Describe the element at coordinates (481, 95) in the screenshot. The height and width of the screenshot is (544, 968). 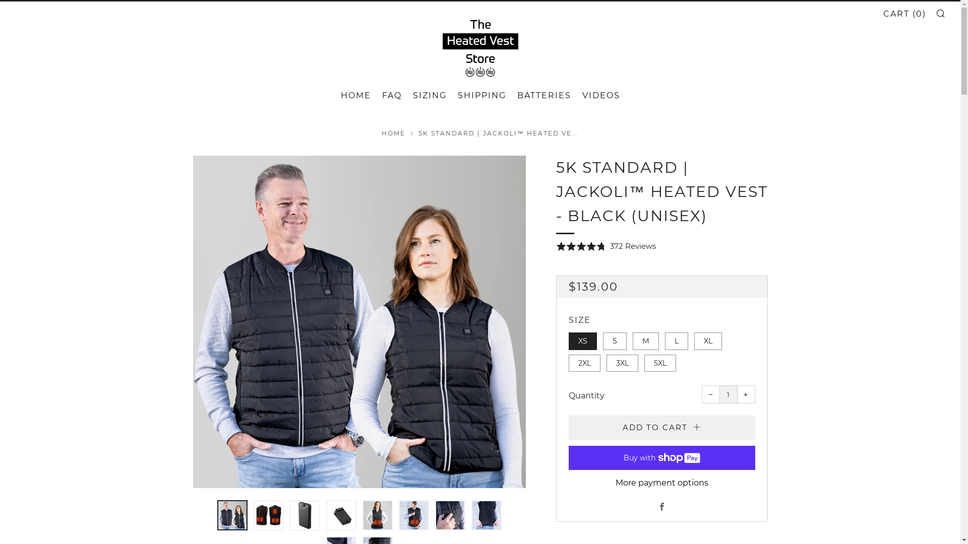
I see `'SHIPPING'` at that location.